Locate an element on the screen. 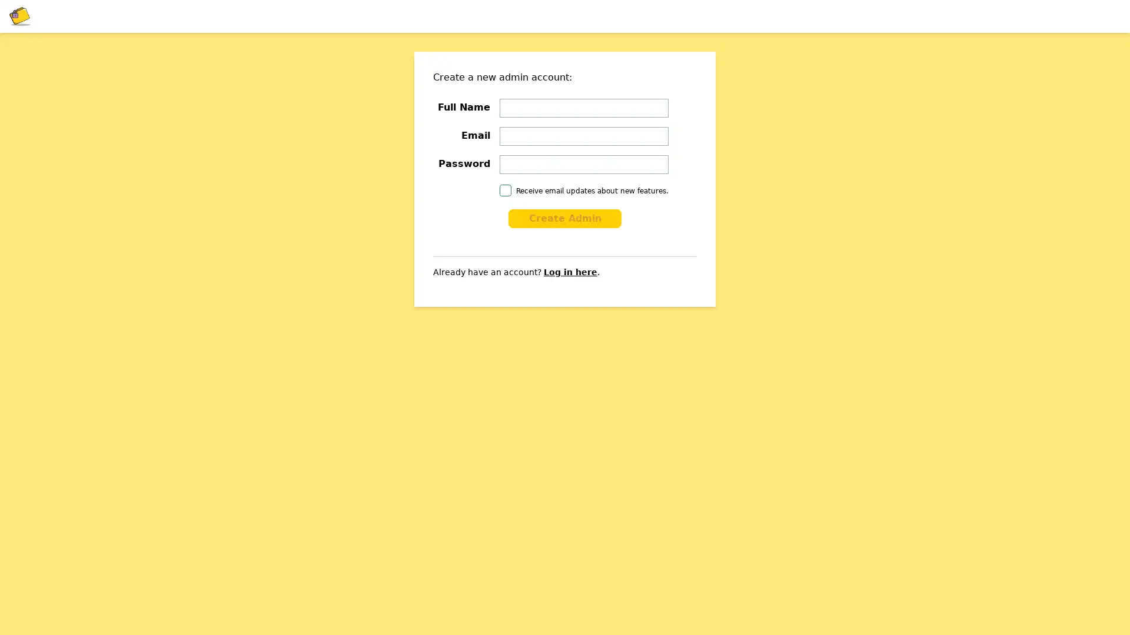 The width and height of the screenshot is (1130, 635). Create Admin is located at coordinates (565, 218).